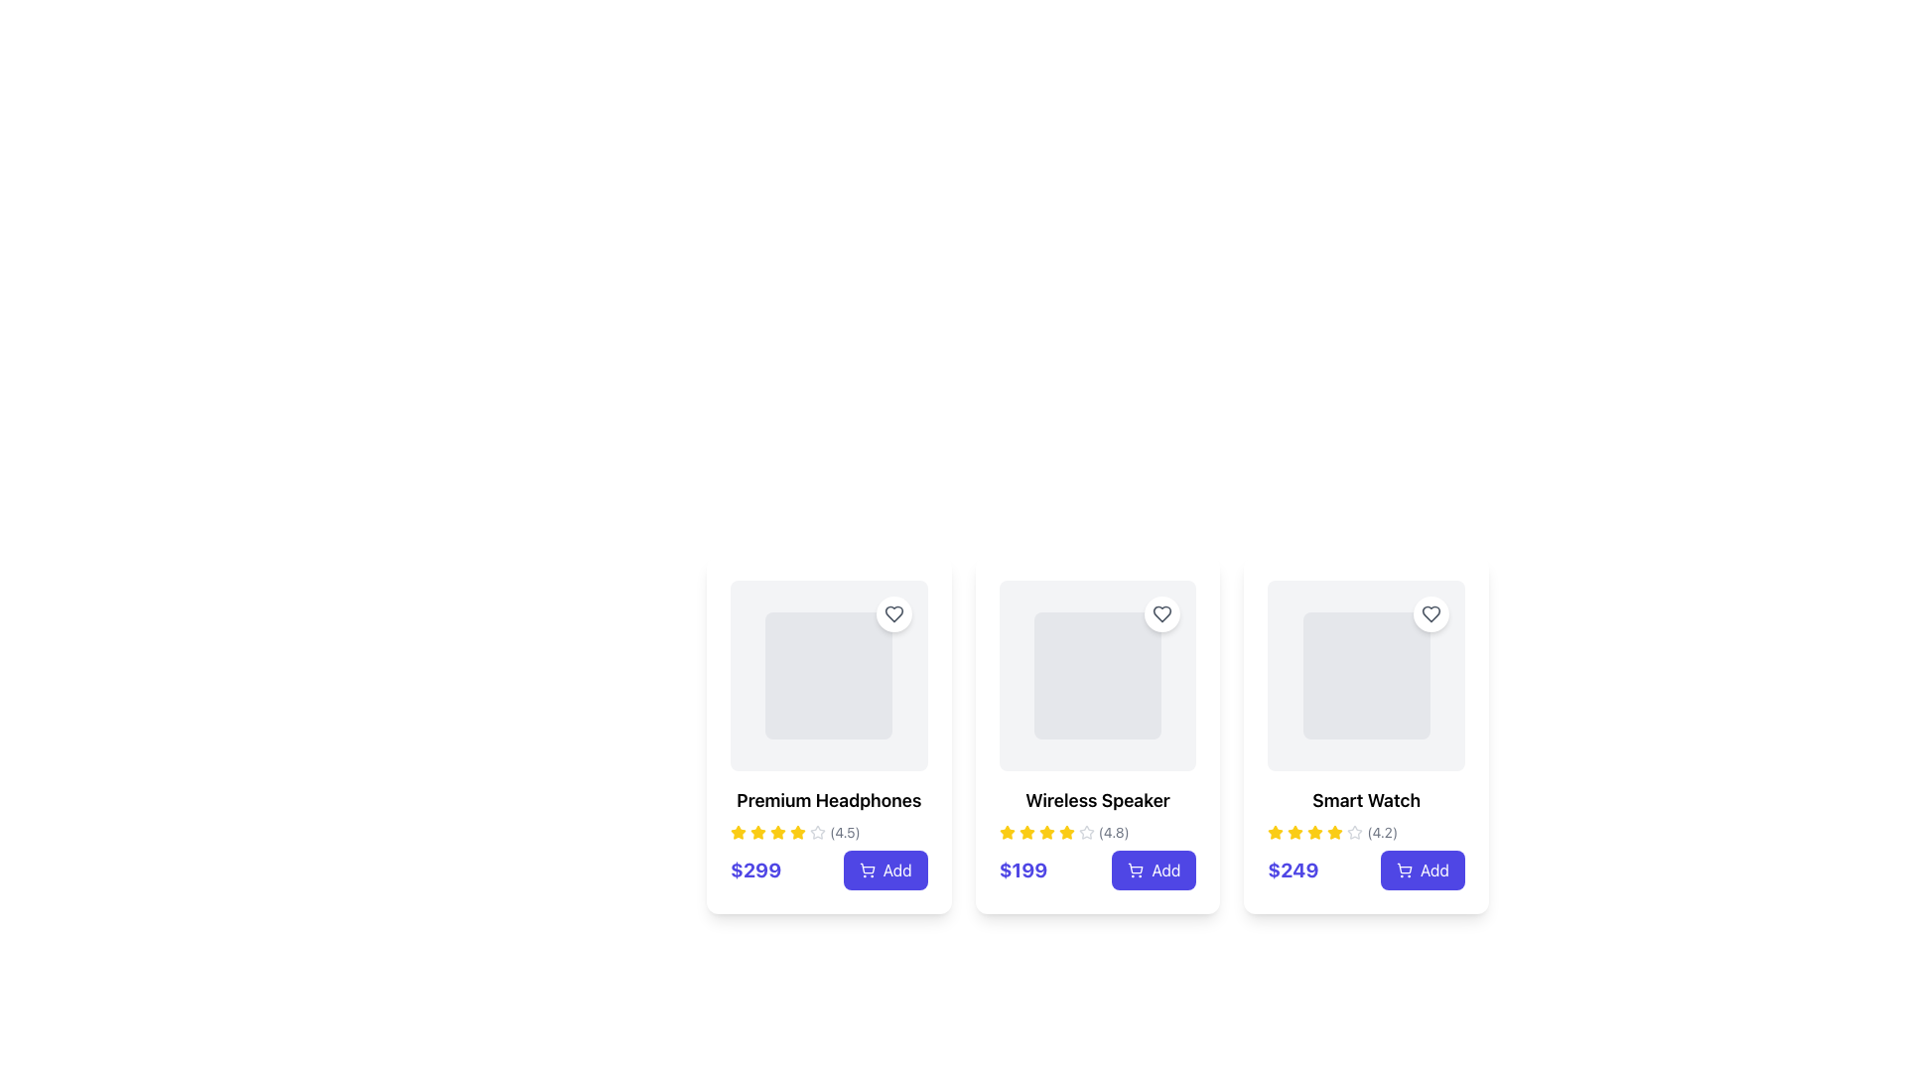 The image size is (1906, 1072). I want to click on the bold yellow star icon, which is the second star, so click(1025, 833).